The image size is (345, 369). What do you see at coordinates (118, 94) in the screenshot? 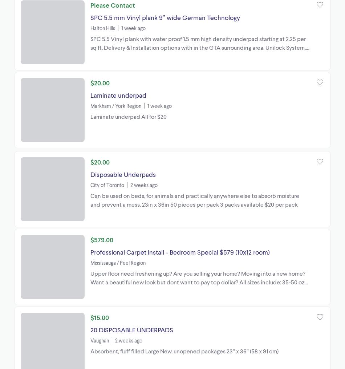
I see `'Laminate underpad'` at bounding box center [118, 94].